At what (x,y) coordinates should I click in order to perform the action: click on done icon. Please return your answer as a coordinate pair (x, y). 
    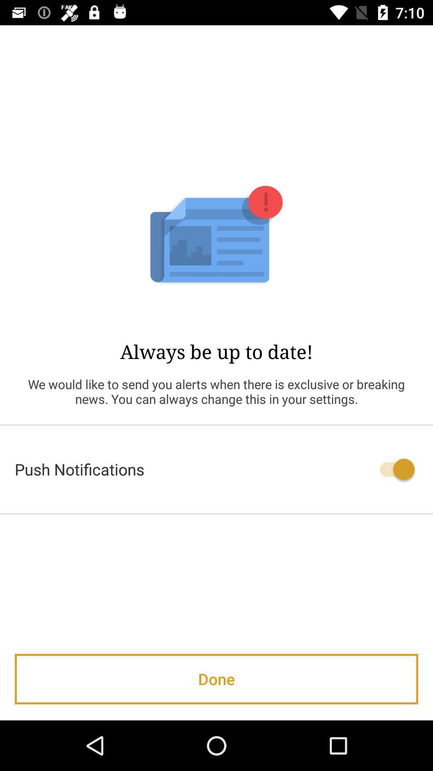
    Looking at the image, I should click on (216, 679).